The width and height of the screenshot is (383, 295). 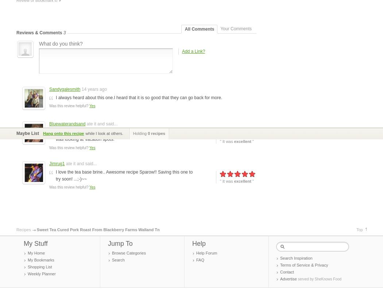 I want to click on 'All Comments', so click(x=199, y=29).